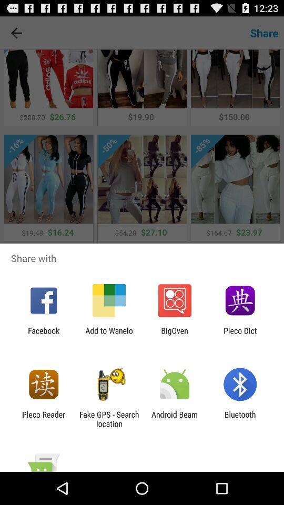 This screenshot has height=505, width=284. I want to click on the app to the left of pleco dict app, so click(175, 335).